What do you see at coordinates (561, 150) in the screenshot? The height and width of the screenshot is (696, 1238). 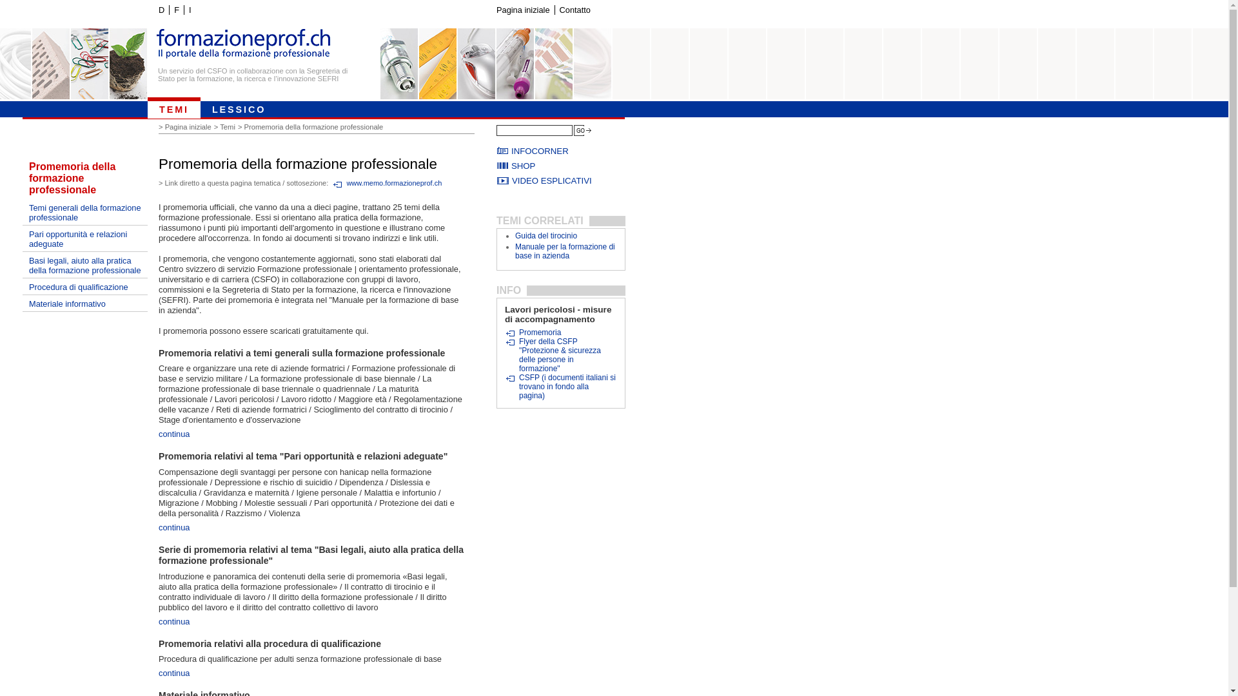 I see `'INFOCORNER'` at bounding box center [561, 150].